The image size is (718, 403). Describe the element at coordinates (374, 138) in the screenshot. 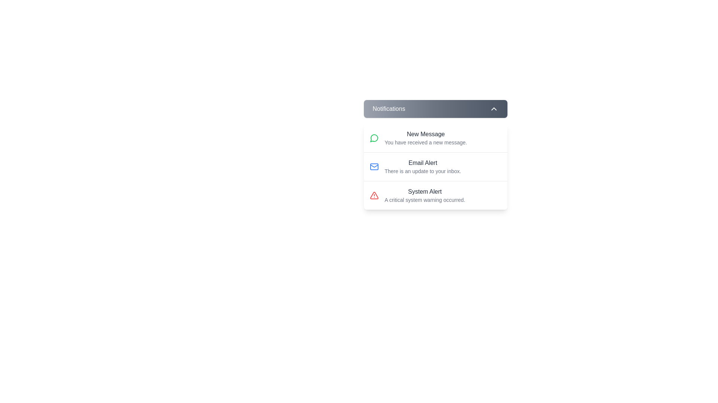

I see `on the first notification icon in the notification center, which serves as a visual indicator for messages` at that location.